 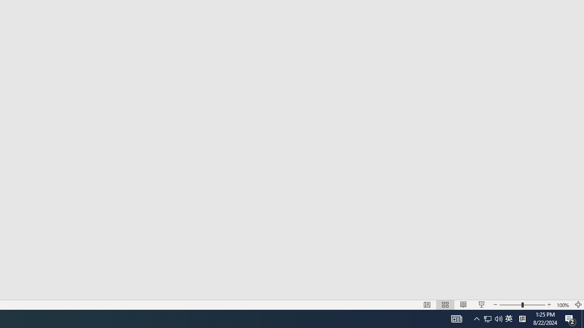 What do you see at coordinates (578, 305) in the screenshot?
I see `'Zoom to Fit '` at bounding box center [578, 305].